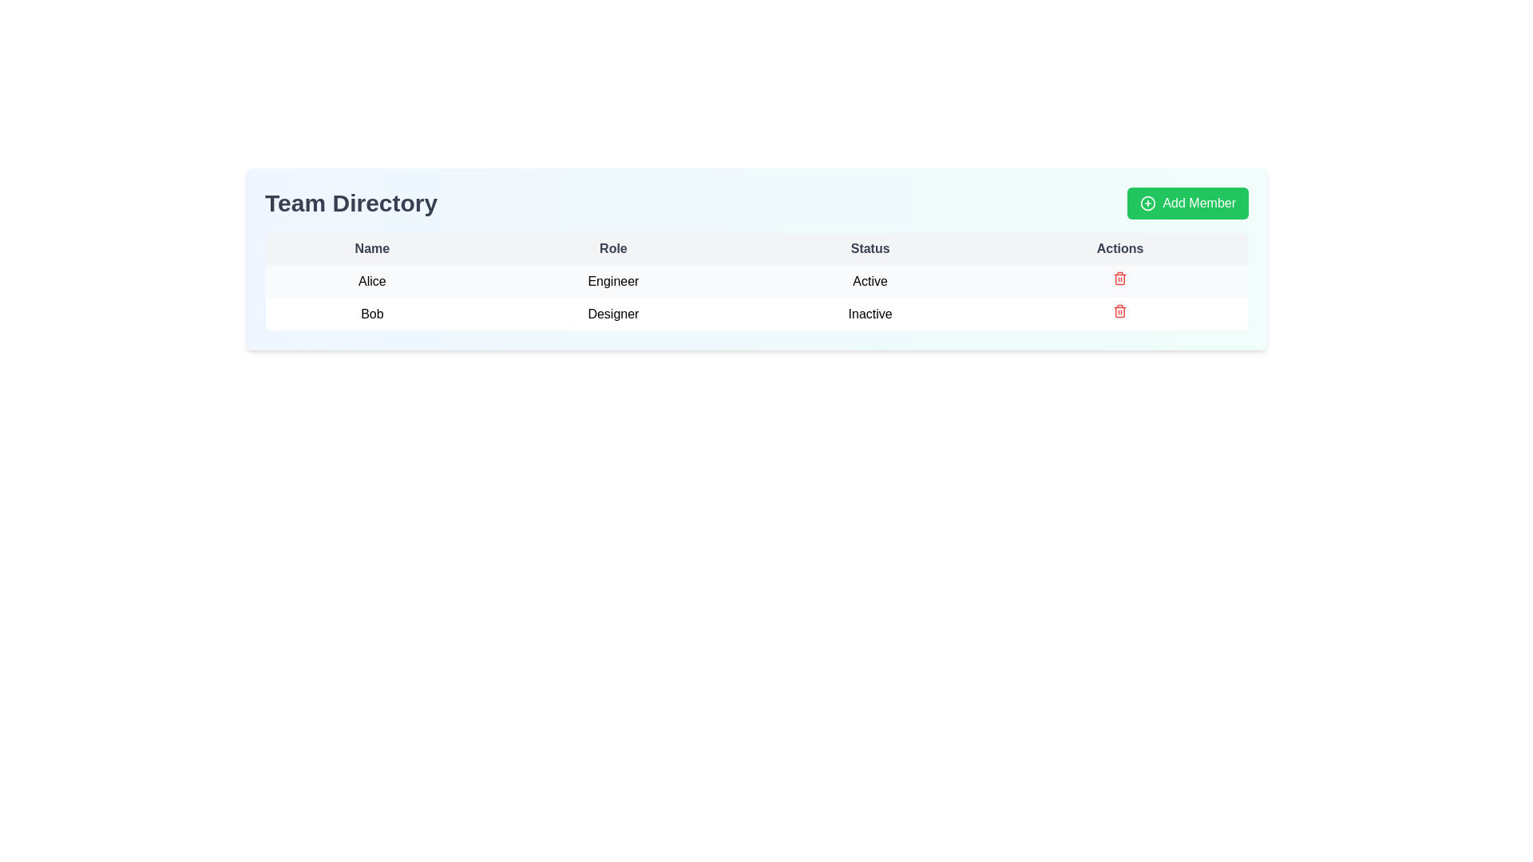 The image size is (1533, 862). I want to click on the text display element showing the name 'Alice' in the first row of the 'Team Directory' table, so click(371, 280).